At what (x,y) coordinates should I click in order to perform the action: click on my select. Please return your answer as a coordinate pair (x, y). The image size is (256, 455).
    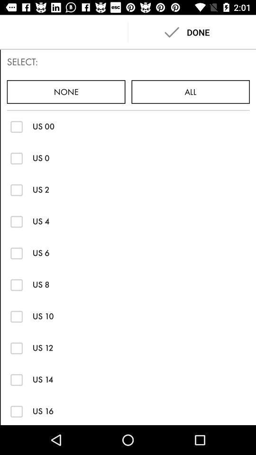
    Looking at the image, I should click on (17, 347).